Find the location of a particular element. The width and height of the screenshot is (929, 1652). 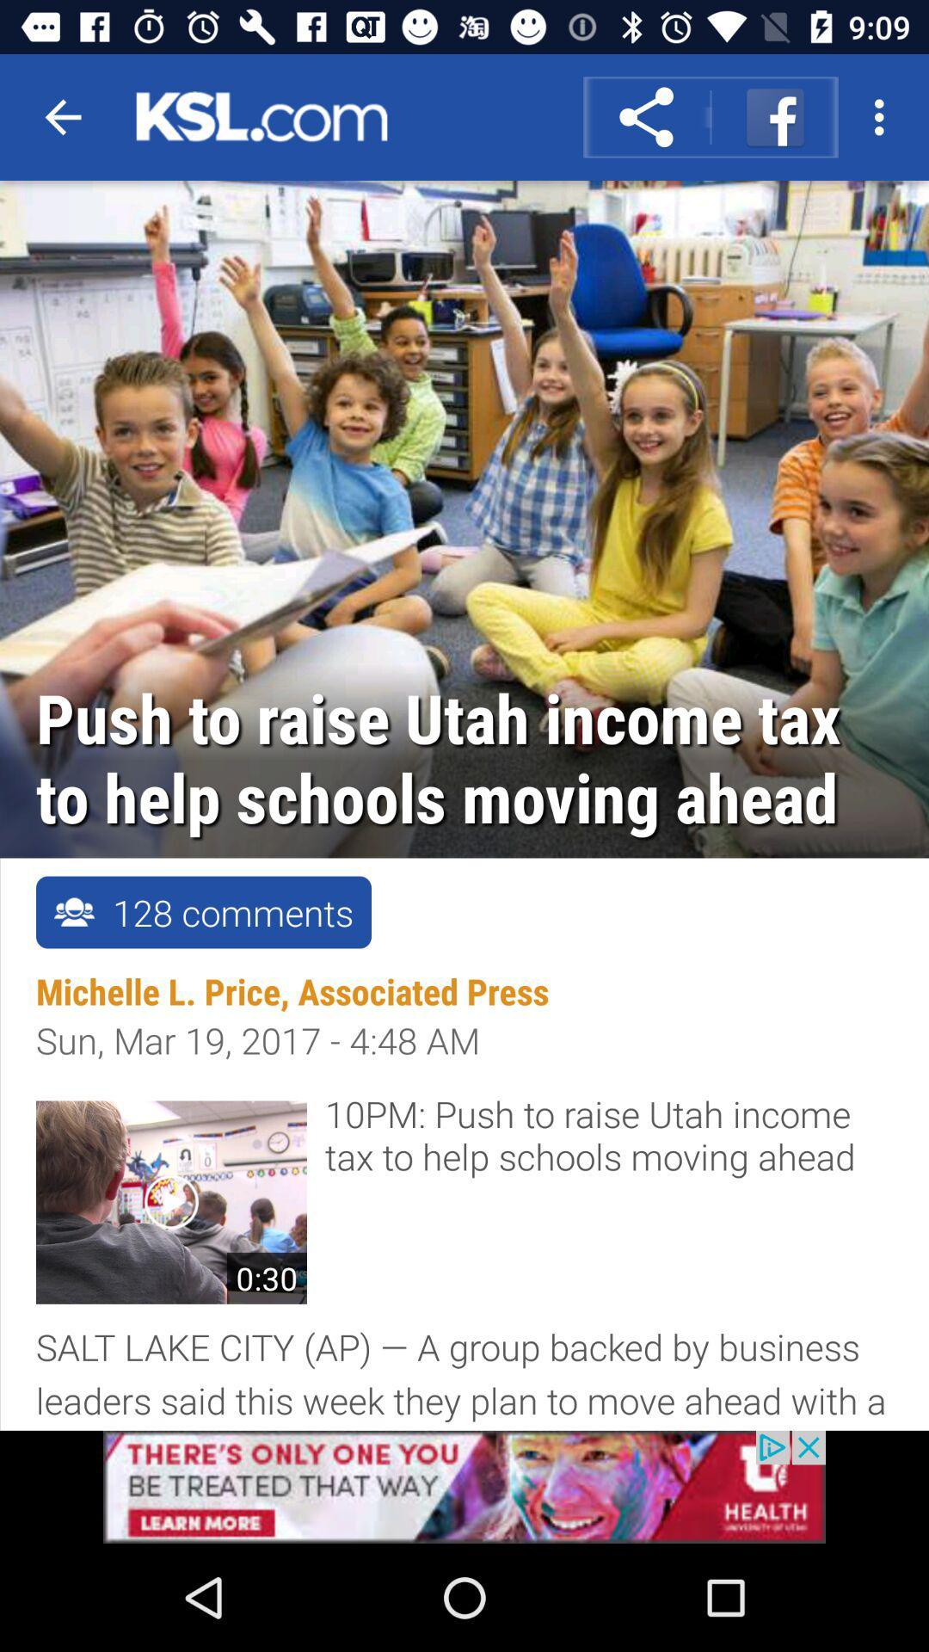

visit advertiser is located at coordinates (464, 1486).